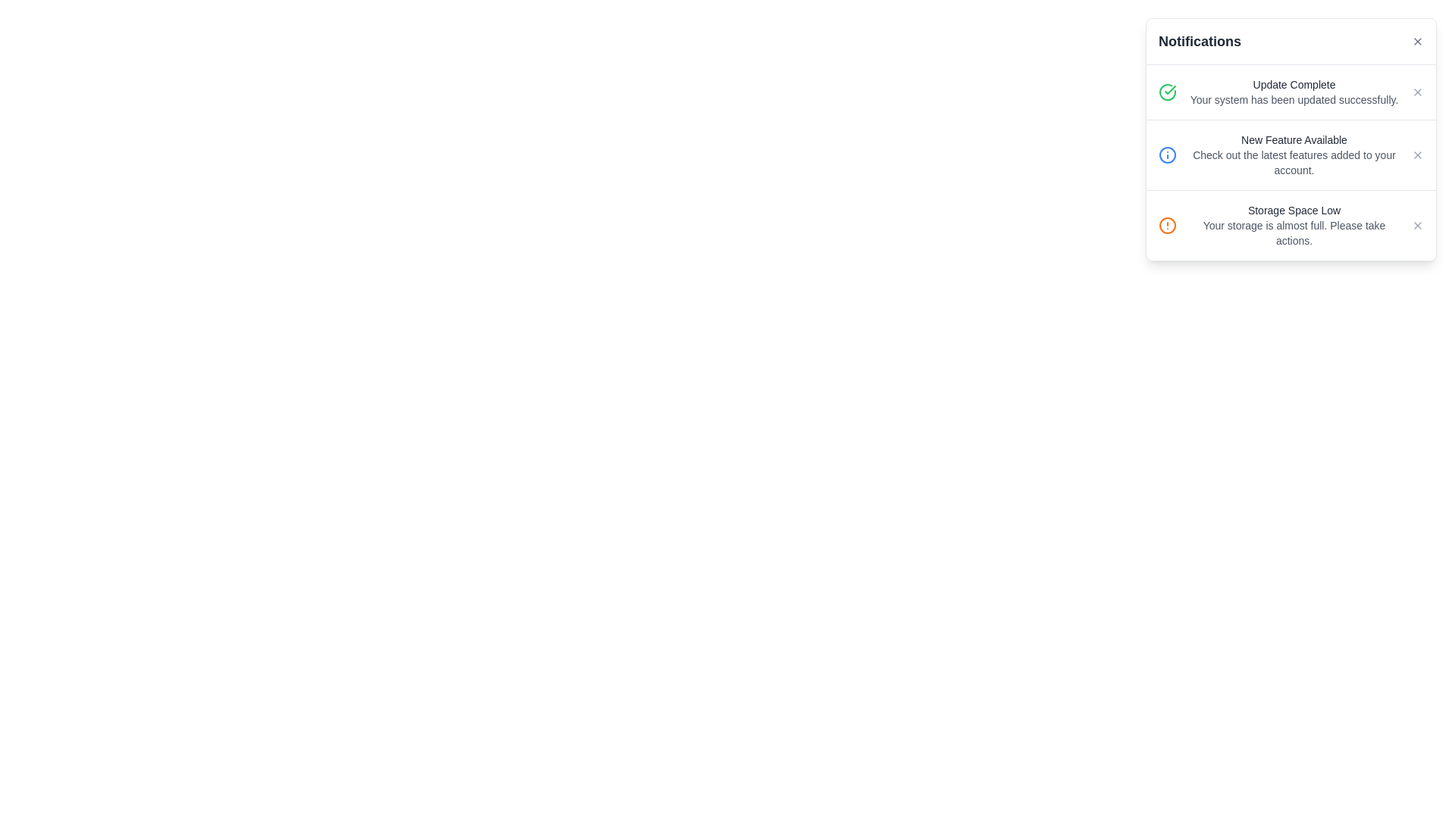 The height and width of the screenshot is (818, 1455). I want to click on the second textual notification block titled 'New Feature Available' which provides additional details about the latest features added to your account, so click(1294, 155).